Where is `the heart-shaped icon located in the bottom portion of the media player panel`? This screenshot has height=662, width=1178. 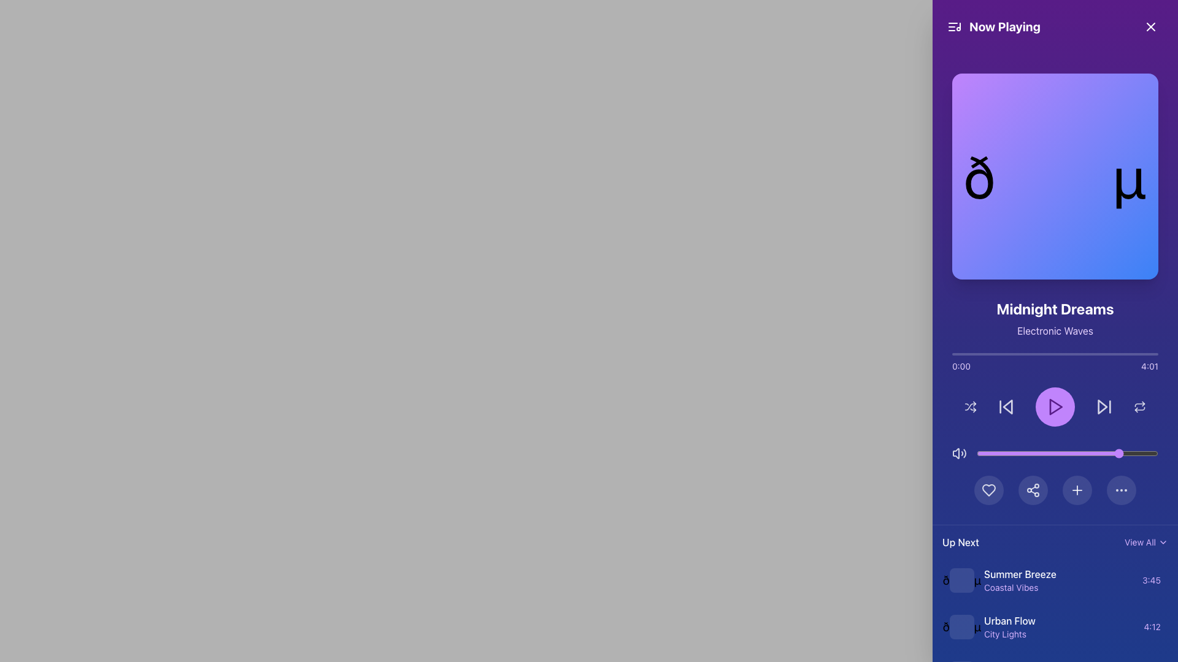
the heart-shaped icon located in the bottom portion of the media player panel is located at coordinates (989, 489).